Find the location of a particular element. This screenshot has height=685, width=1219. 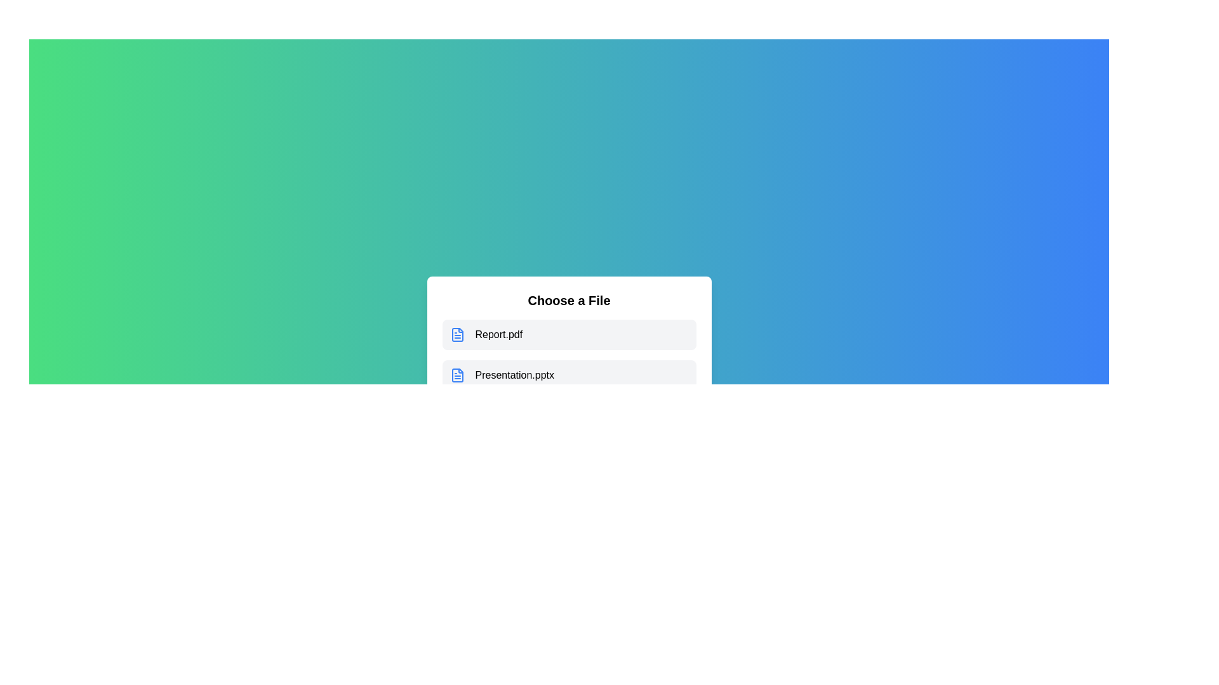

the file icon next to the file named Presentation.pptx is located at coordinates (457, 374).